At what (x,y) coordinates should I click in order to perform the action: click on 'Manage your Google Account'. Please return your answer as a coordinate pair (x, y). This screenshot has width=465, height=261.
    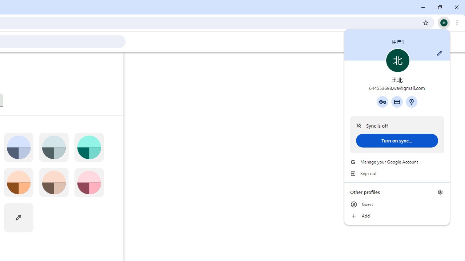
    Looking at the image, I should click on (397, 162).